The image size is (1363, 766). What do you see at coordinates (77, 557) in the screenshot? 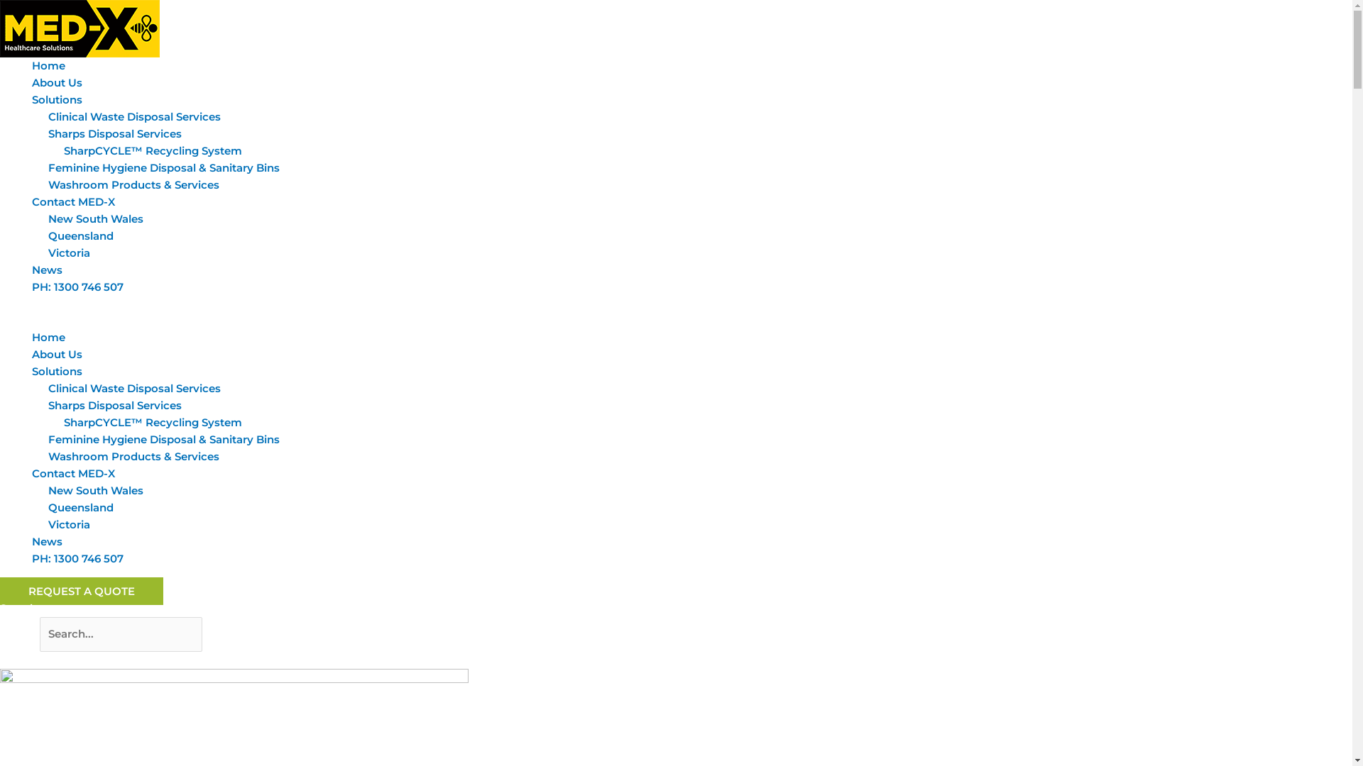
I see `'PH: 1300 746 507'` at bounding box center [77, 557].